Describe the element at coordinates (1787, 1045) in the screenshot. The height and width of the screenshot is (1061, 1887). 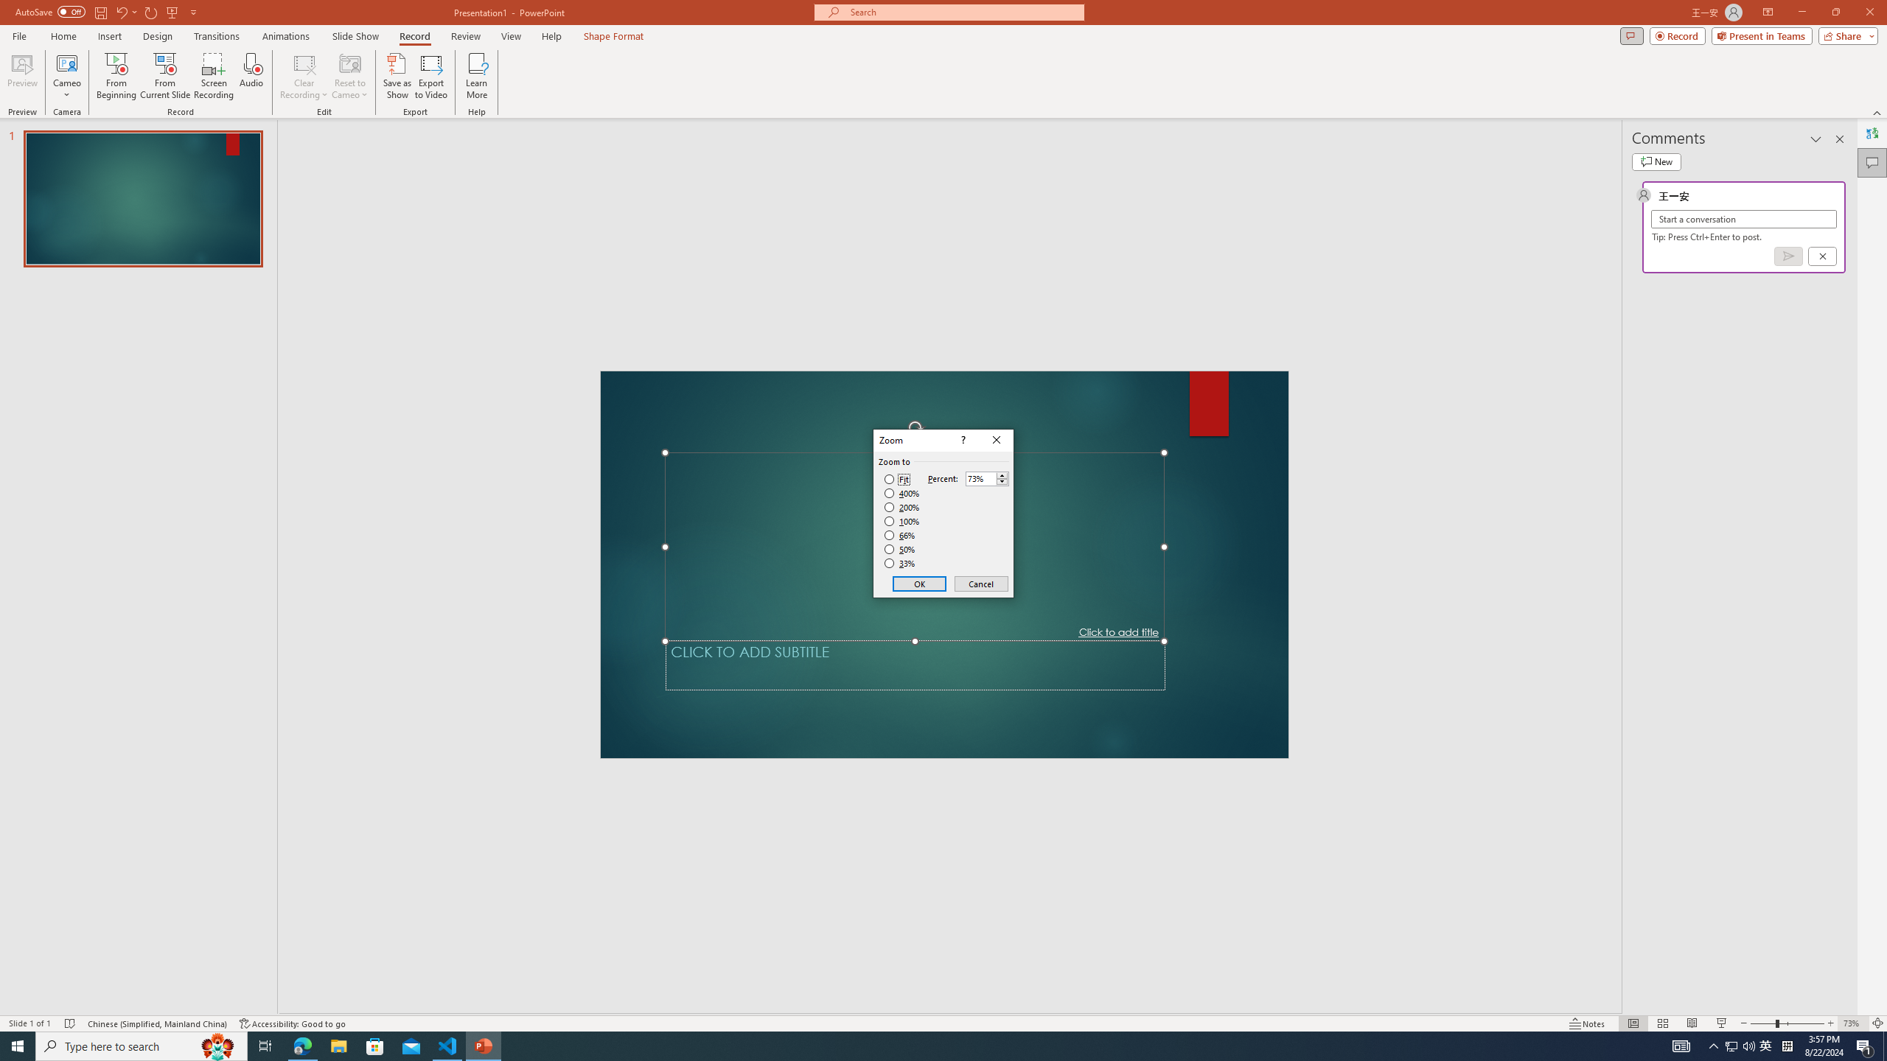
I see `'Tray Input Indicator - Chinese (Simplified, China)'` at that location.